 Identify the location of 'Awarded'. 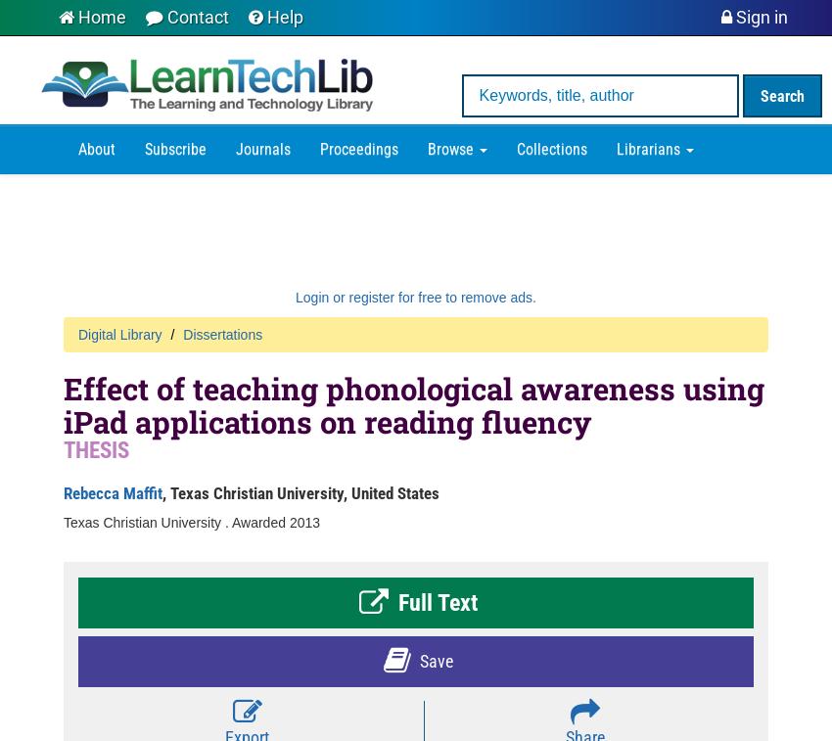
(258, 522).